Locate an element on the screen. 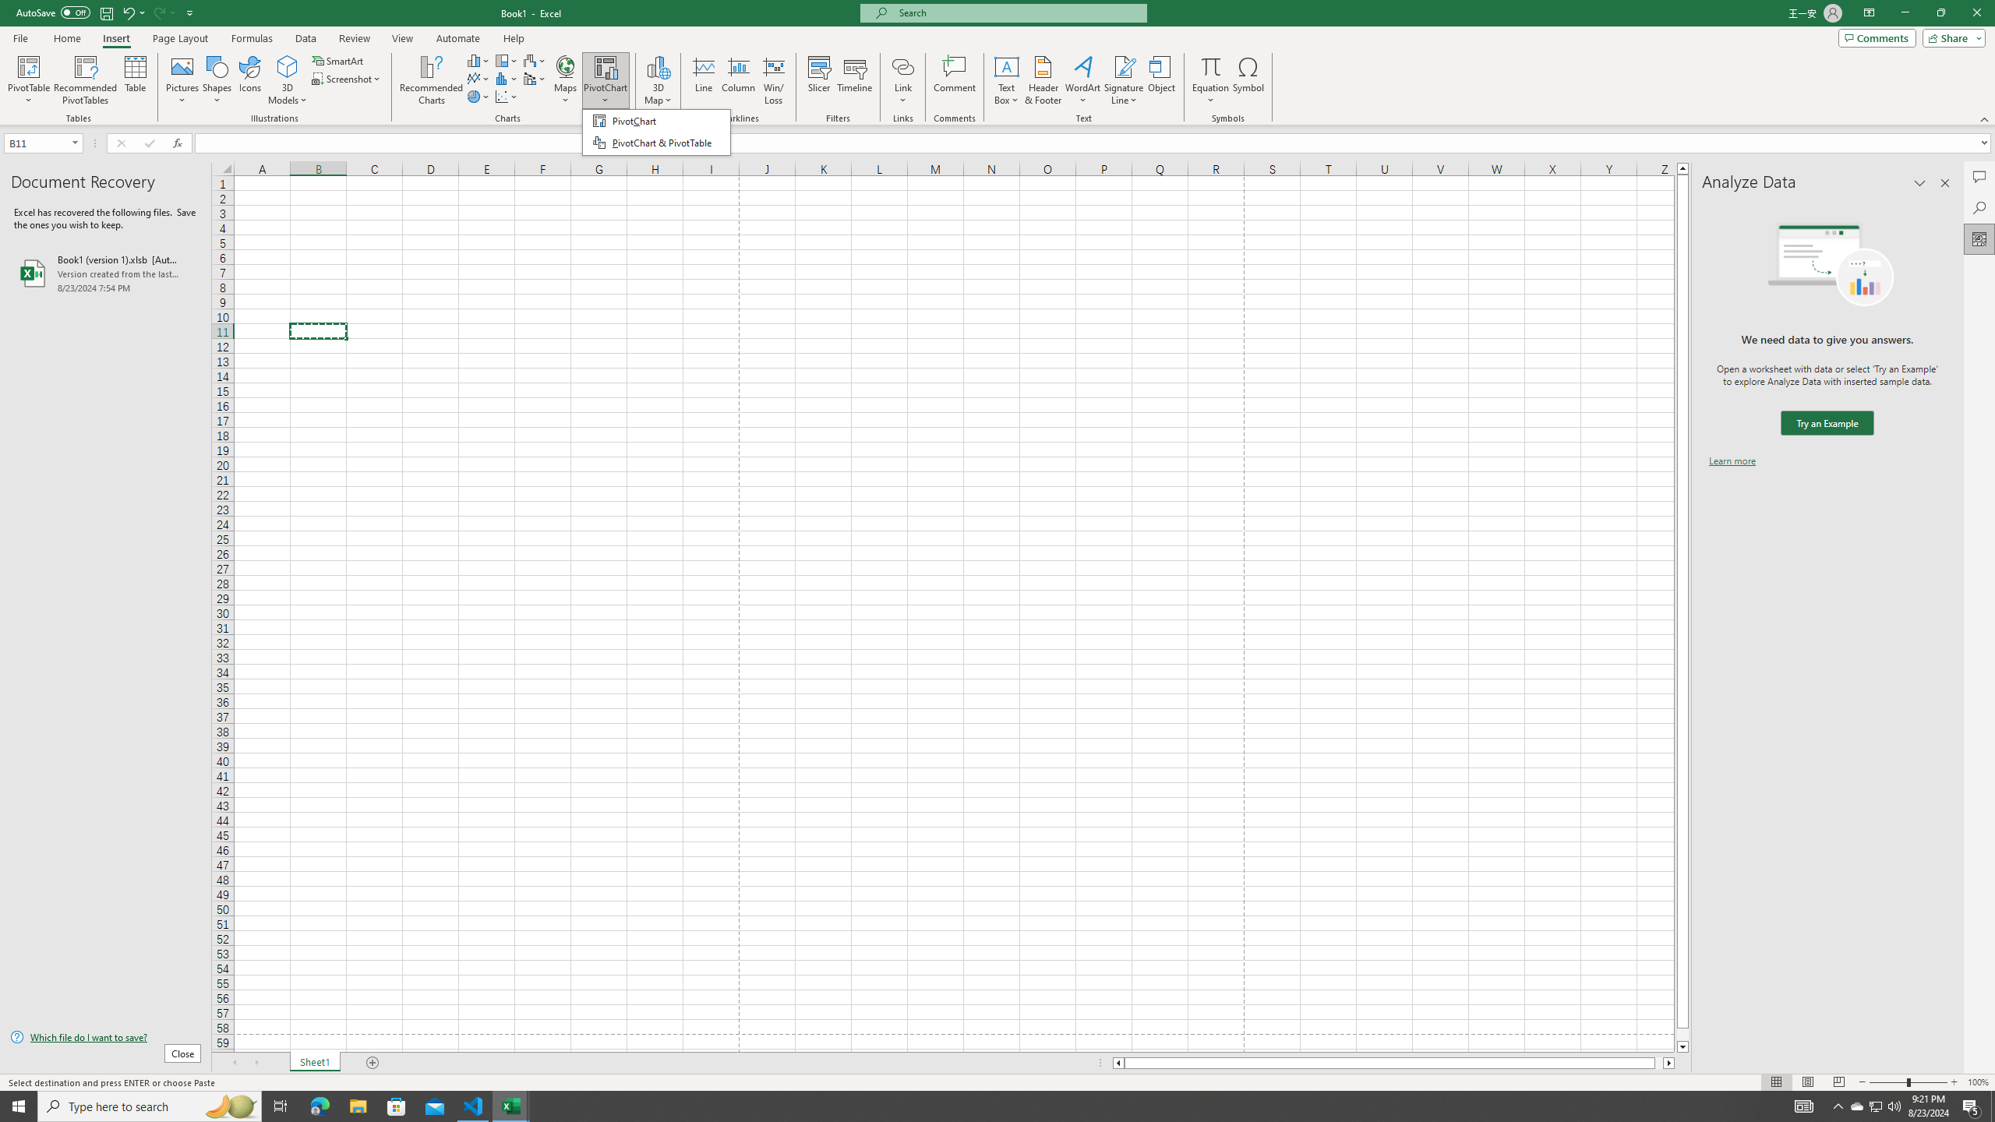  'Link' is located at coordinates (902, 80).